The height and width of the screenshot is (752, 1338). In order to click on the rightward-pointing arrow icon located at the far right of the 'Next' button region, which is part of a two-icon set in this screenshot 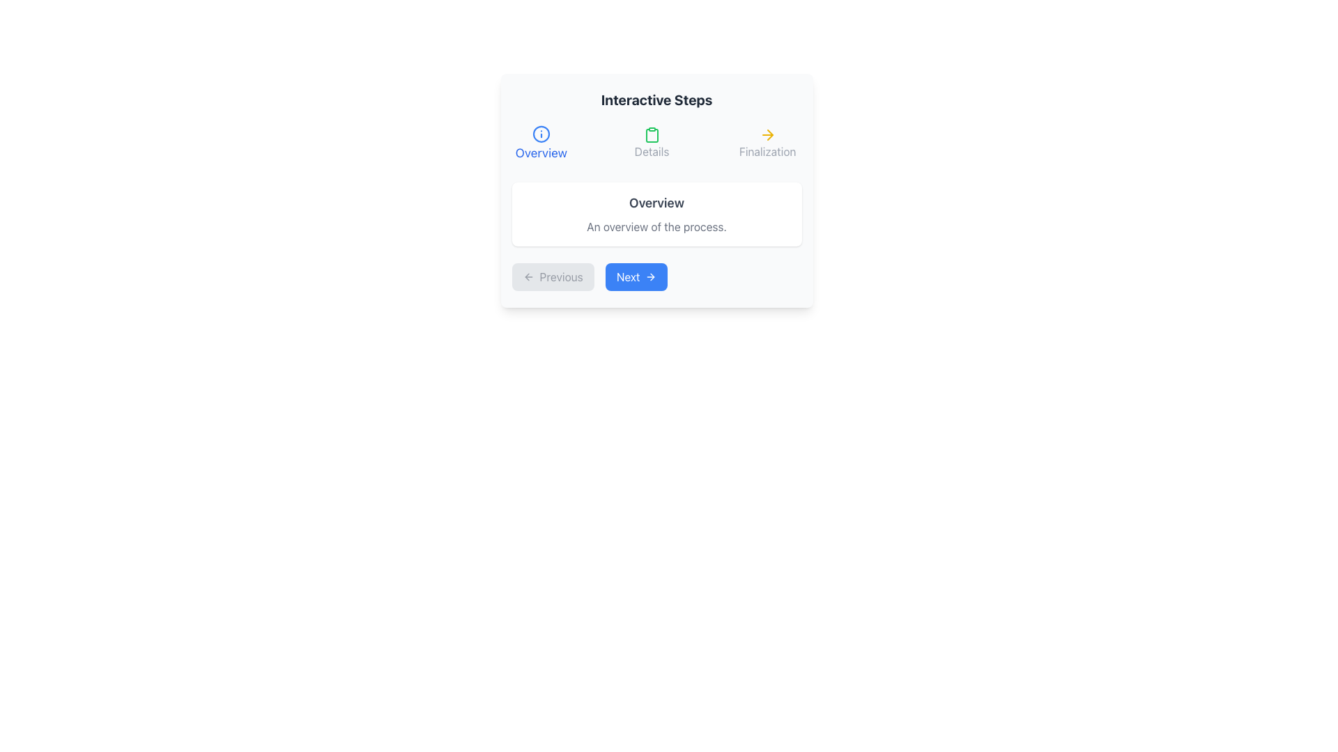, I will do `click(652, 276)`.